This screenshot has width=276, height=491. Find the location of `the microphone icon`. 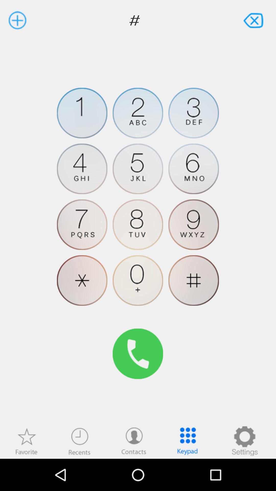

the microphone icon is located at coordinates (137, 300).